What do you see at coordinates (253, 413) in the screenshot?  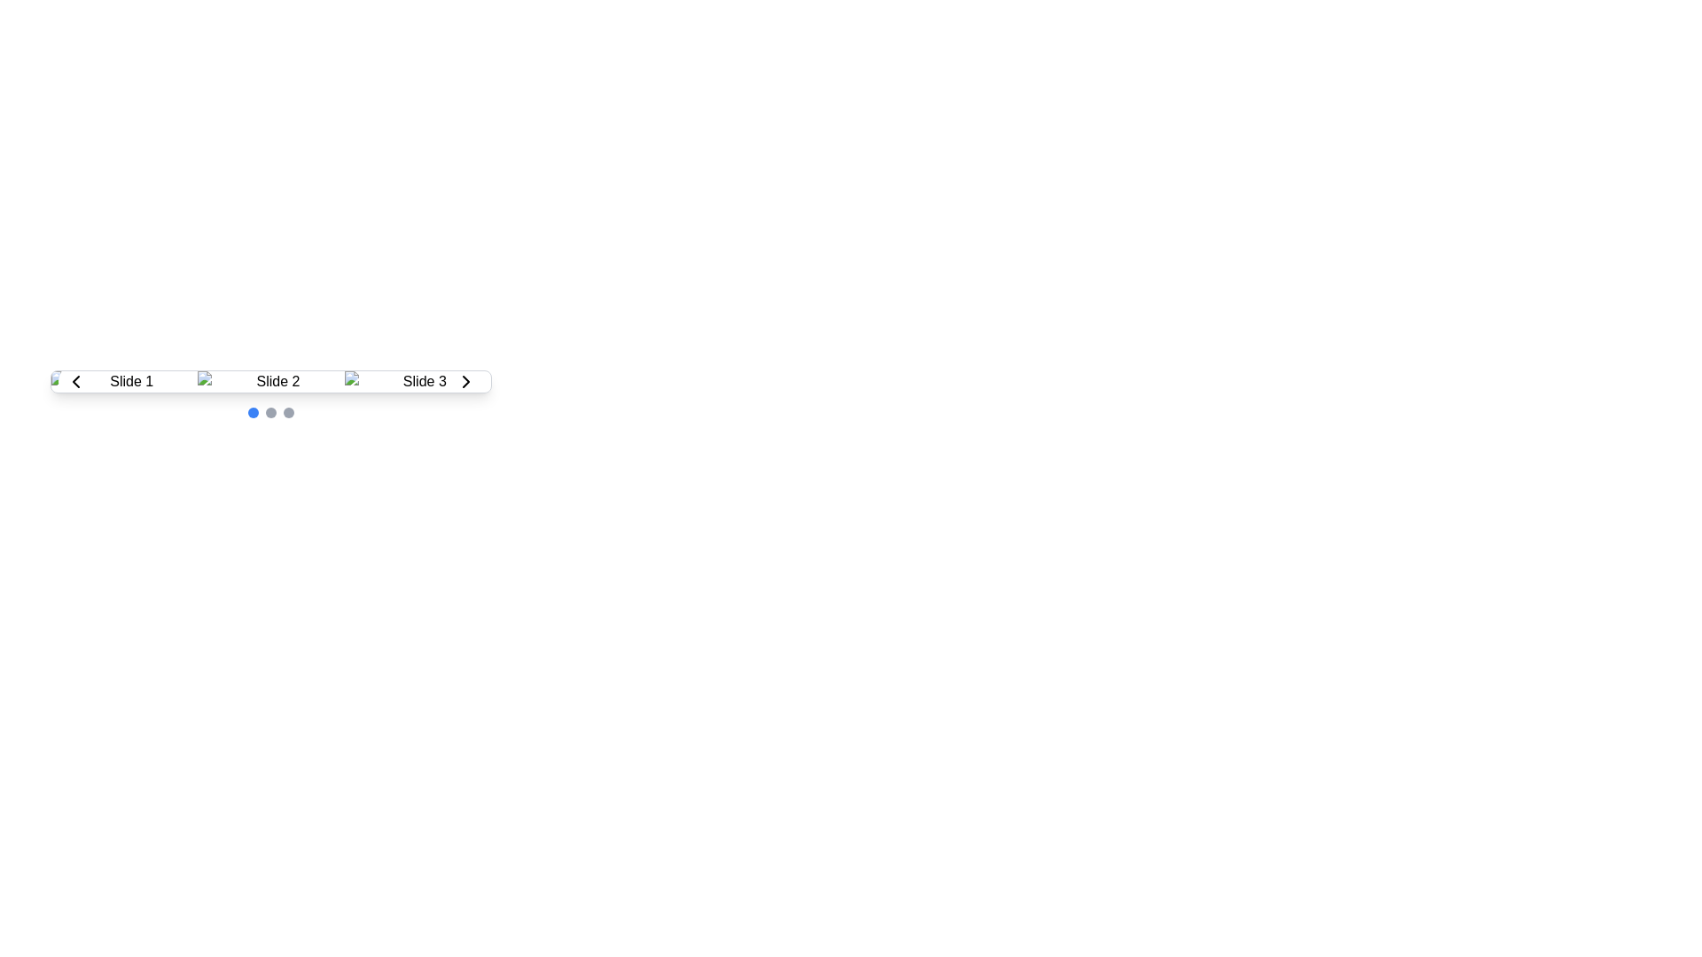 I see `the state of the active blue indicator circle, which is the first in a group of three circles beneath the carousel` at bounding box center [253, 413].